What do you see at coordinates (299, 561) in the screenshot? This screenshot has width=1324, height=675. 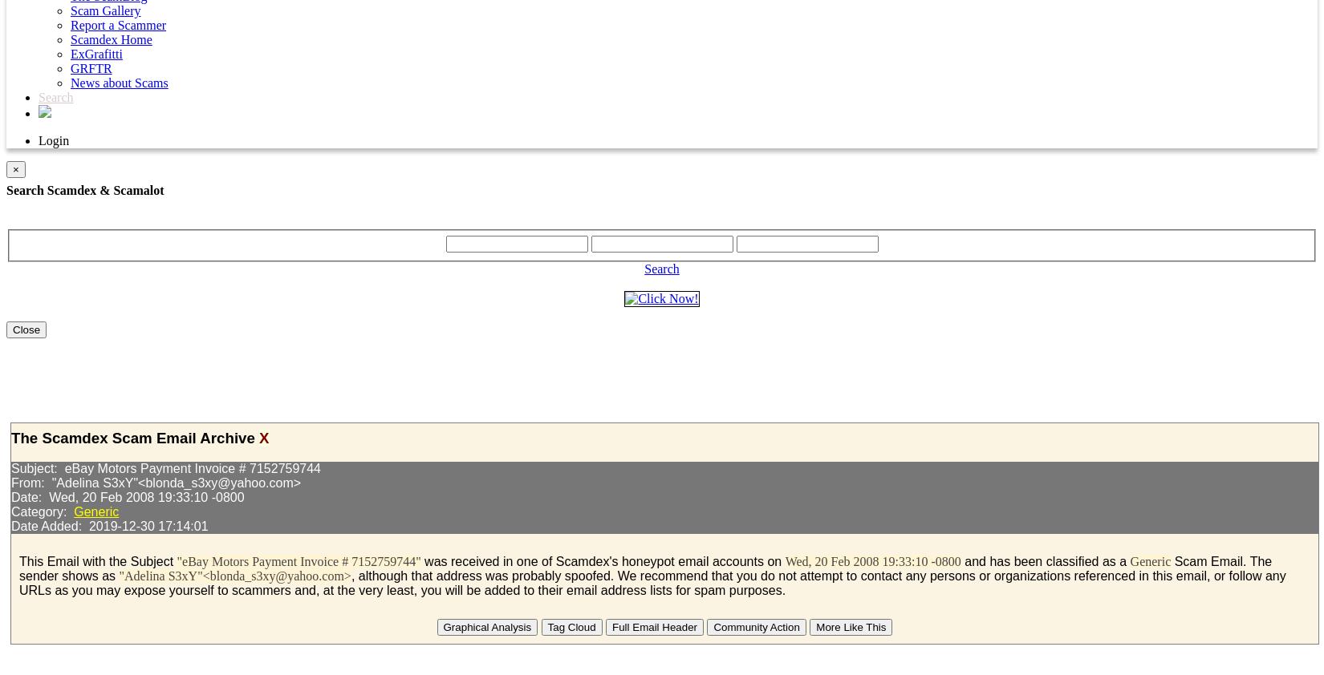 I see `'"eBay Motors Payment Invoice # 7152759744"'` at bounding box center [299, 561].